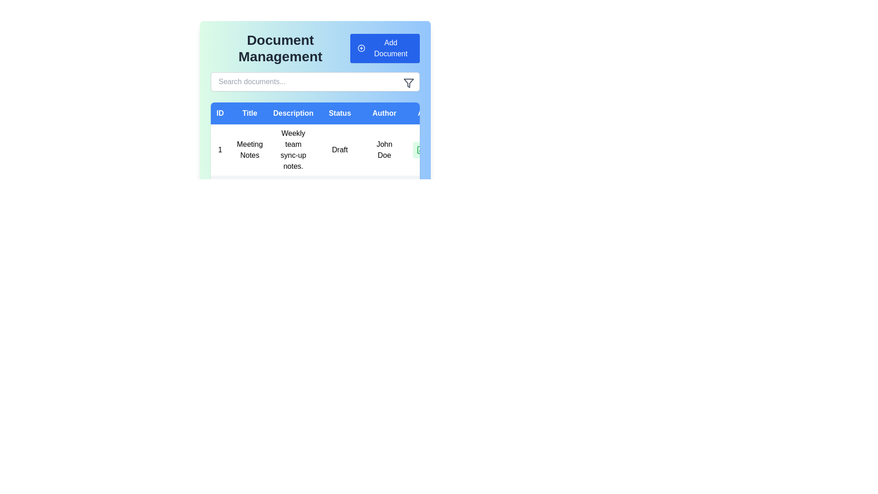 Image resolution: width=878 pixels, height=494 pixels. What do you see at coordinates (220, 113) in the screenshot?
I see `the table header cell containing the text 'ID', which is styled with a blue background and white text, located at the top-left of the table header row` at bounding box center [220, 113].